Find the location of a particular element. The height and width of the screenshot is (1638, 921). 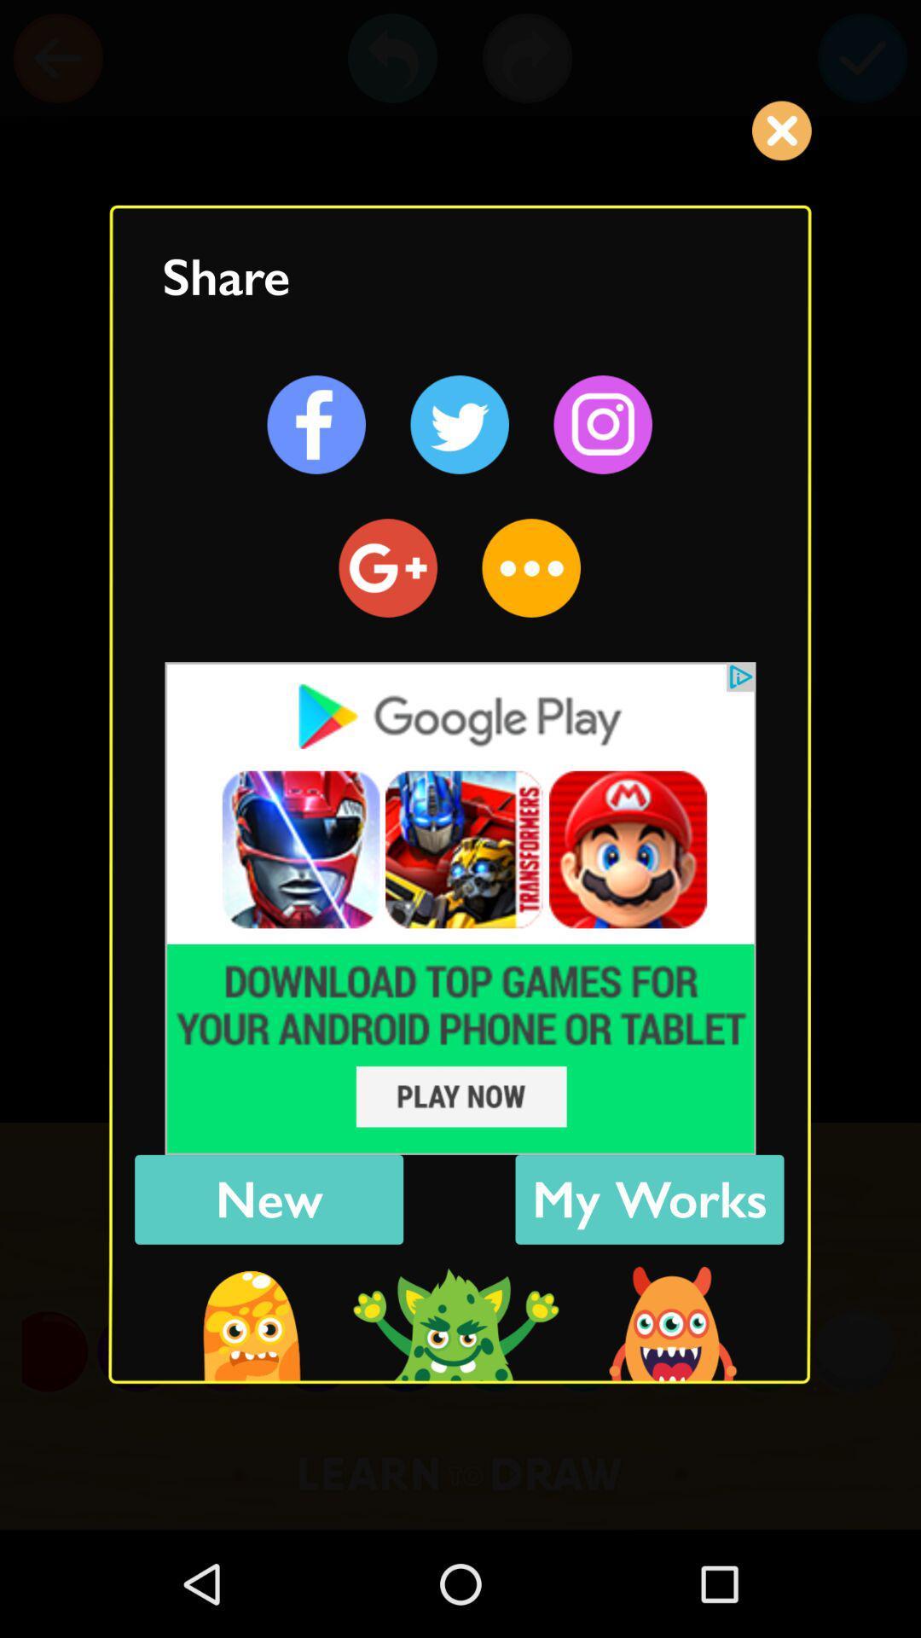

the more icon is located at coordinates (530, 568).